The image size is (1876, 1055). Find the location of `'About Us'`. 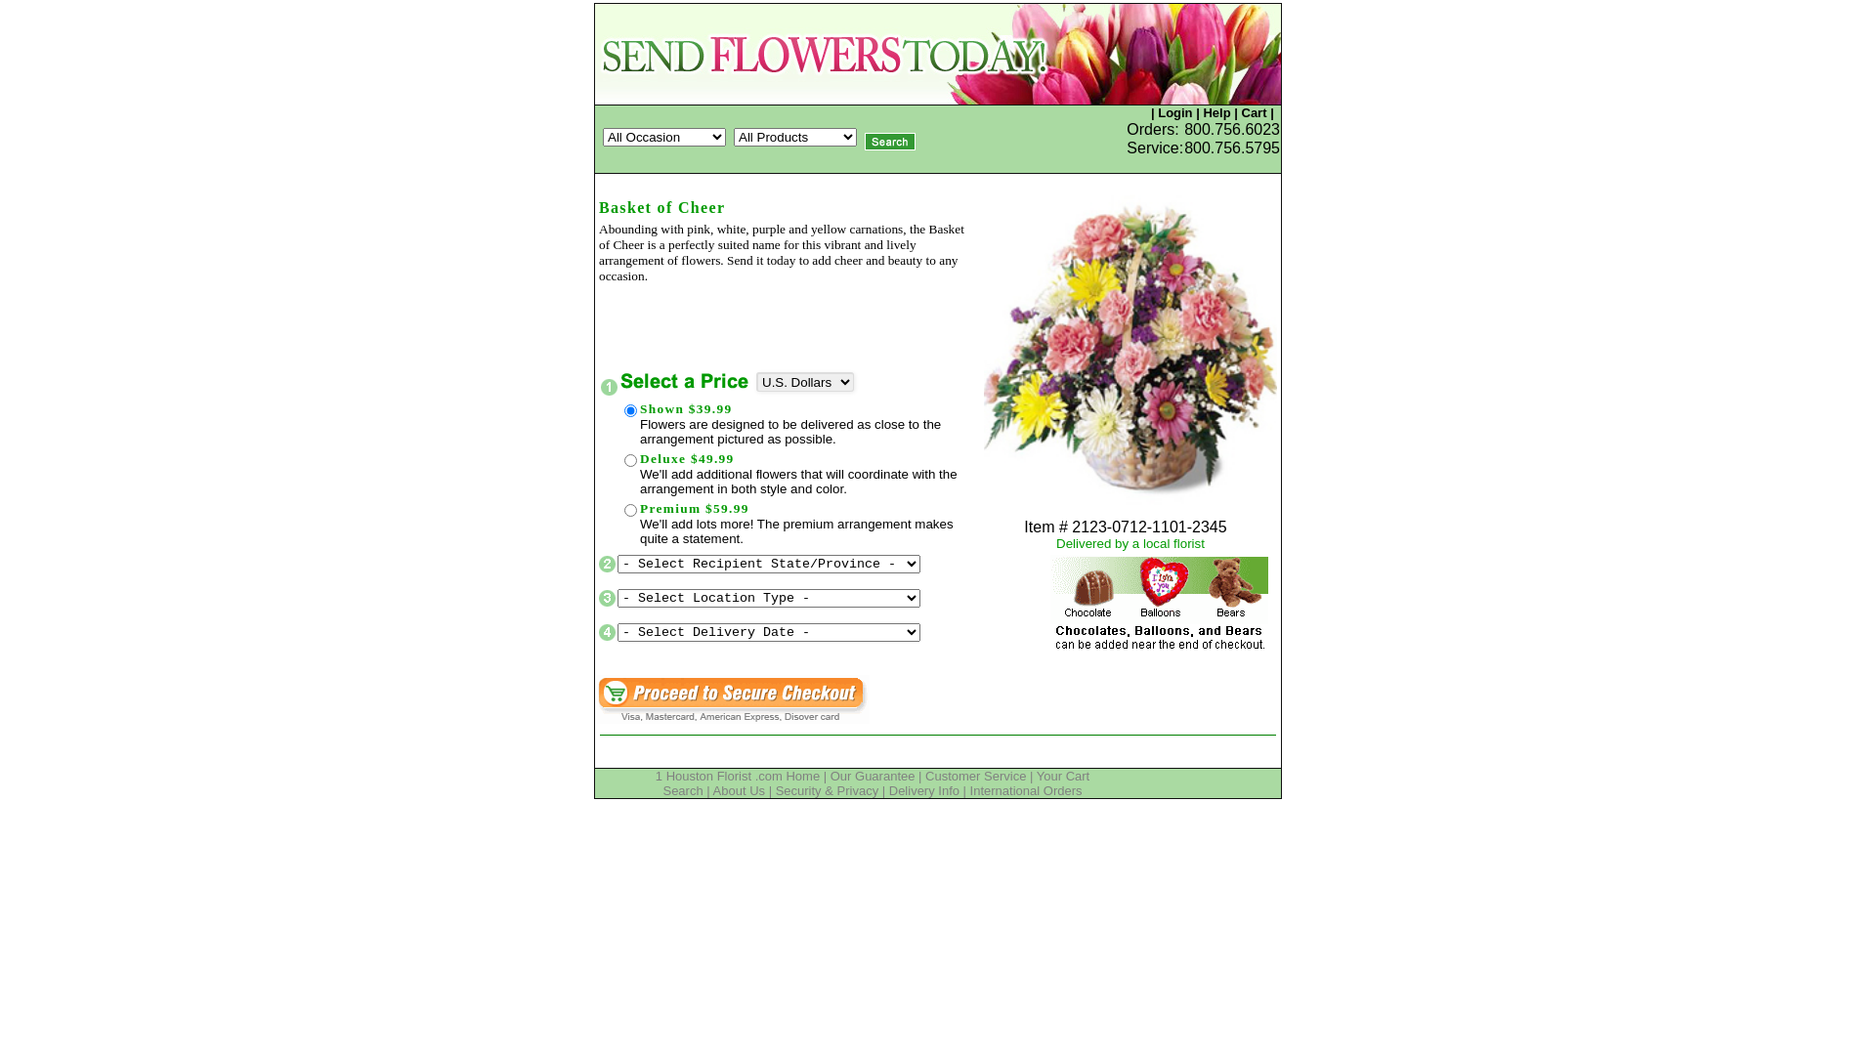

'About Us' is located at coordinates (738, 789).